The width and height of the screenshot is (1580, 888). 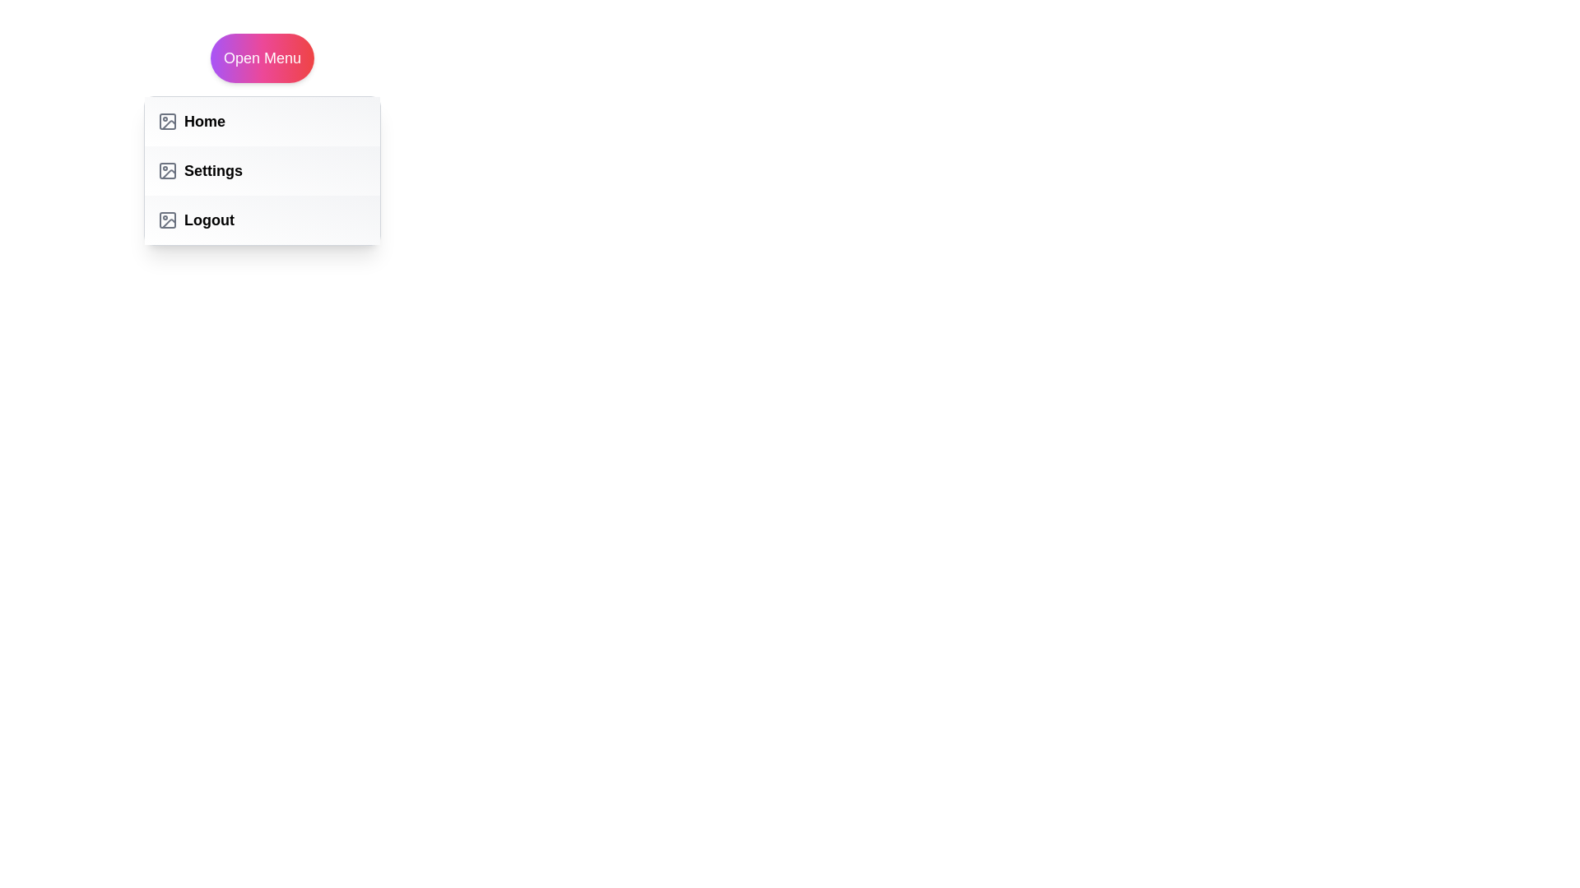 What do you see at coordinates (261, 219) in the screenshot?
I see `the menu item Logout by clicking on it` at bounding box center [261, 219].